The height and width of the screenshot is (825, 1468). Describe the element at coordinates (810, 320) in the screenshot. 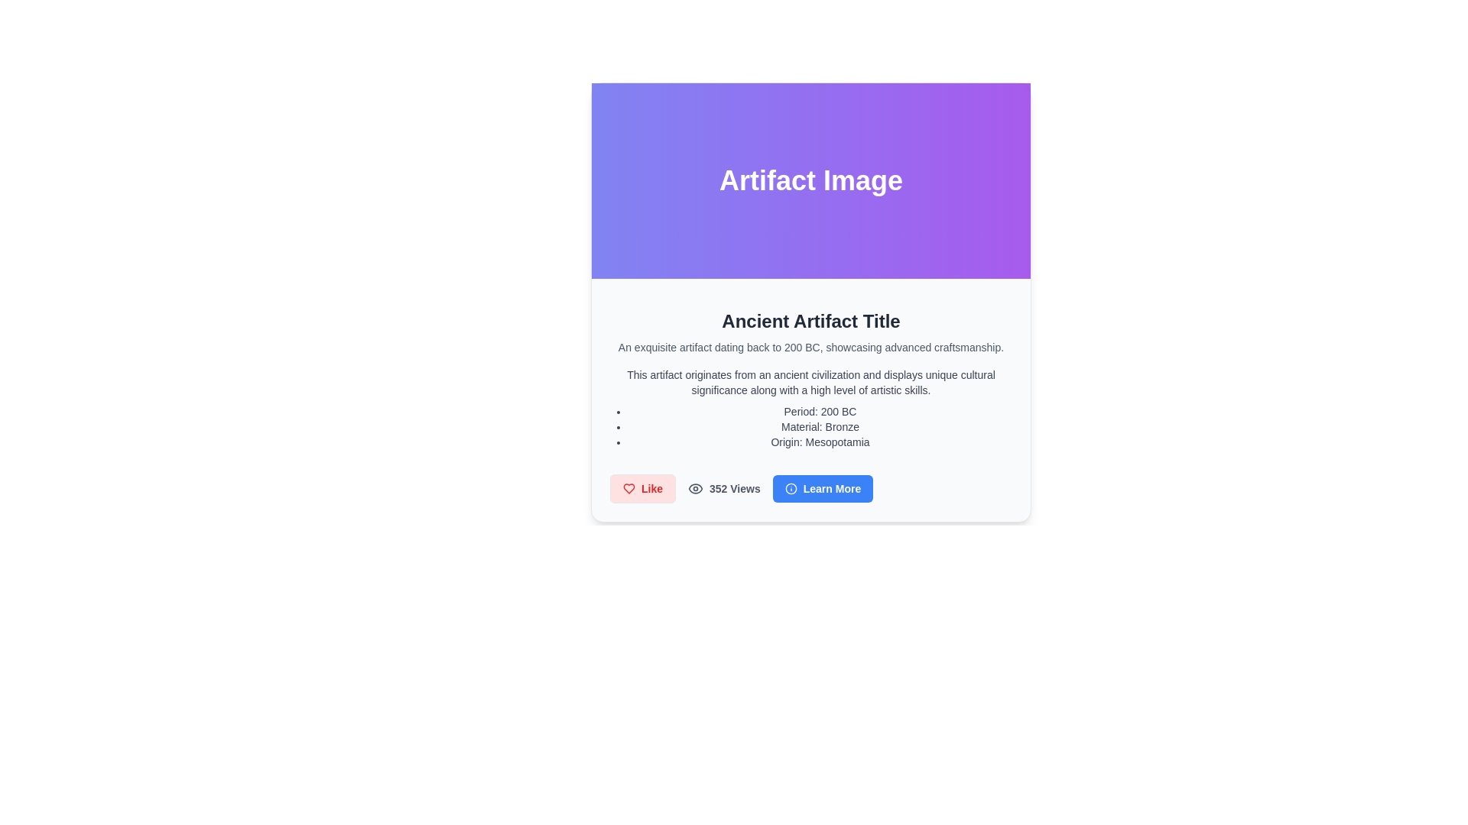

I see `the bold, large-size text element displaying the title 'Ancient Artifact Title', located directly below the 'Artifact Image' within the rectangular card layout` at that location.